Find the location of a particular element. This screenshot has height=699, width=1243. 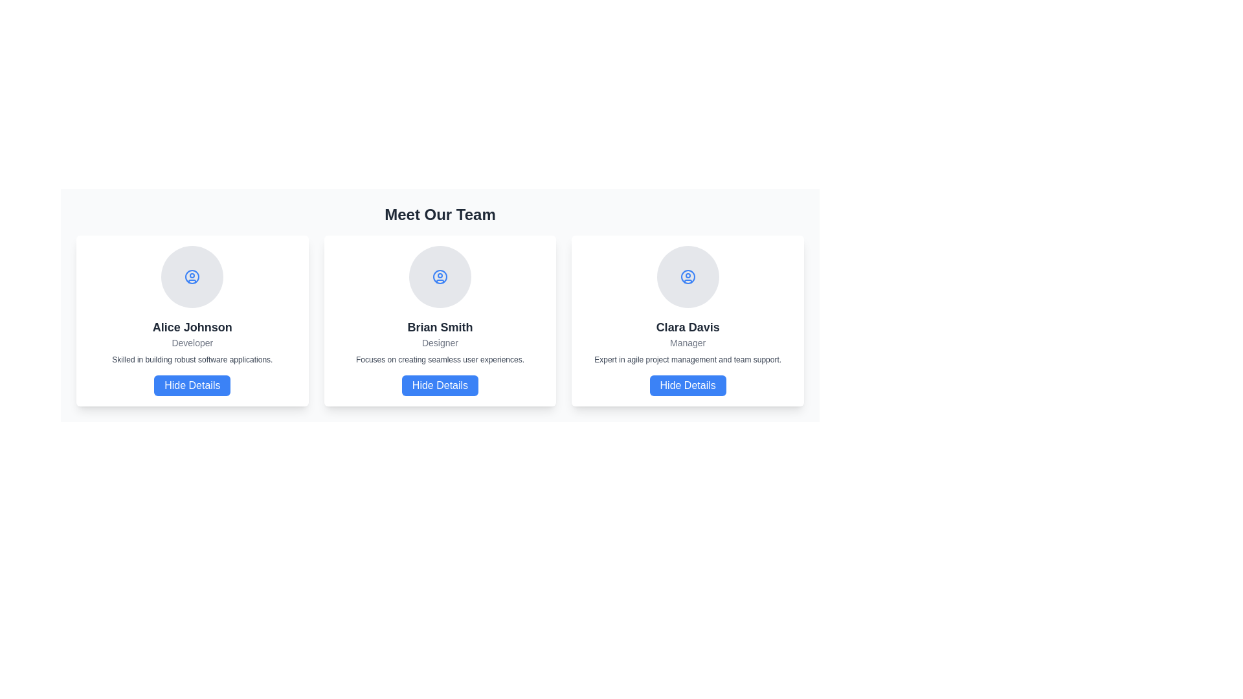

the text label displaying 'Skilled in building robust software applications.' which is positioned below the job title 'Developer' and above the 'Hide Details' button in the card for 'Alice Johnson' is located at coordinates (192, 359).